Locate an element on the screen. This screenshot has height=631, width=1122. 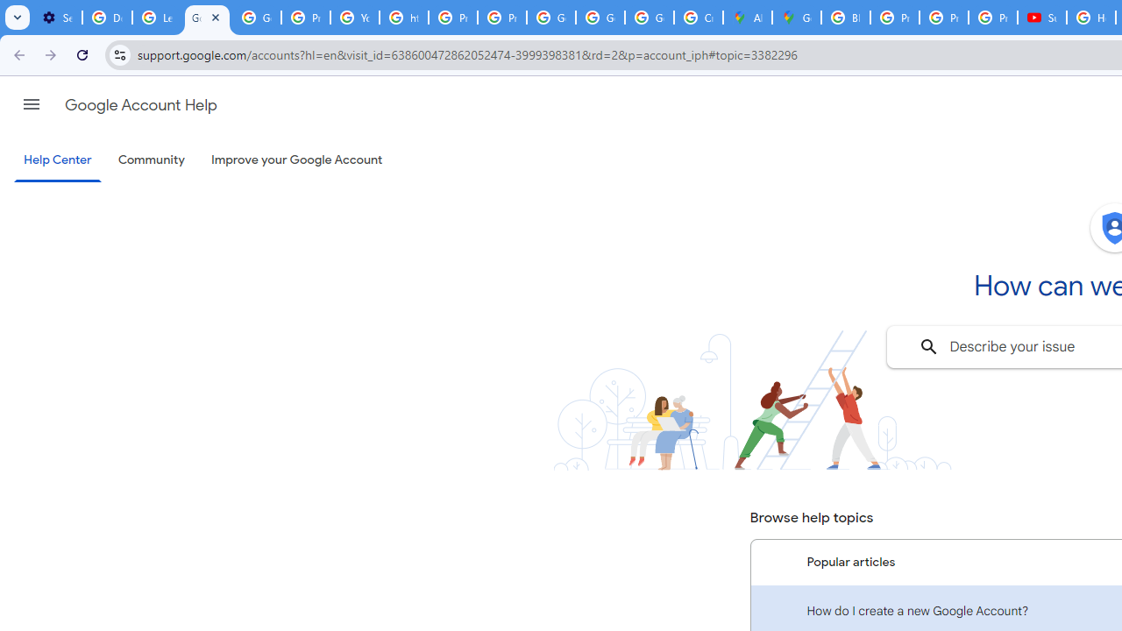
'YouTube' is located at coordinates (354, 18).